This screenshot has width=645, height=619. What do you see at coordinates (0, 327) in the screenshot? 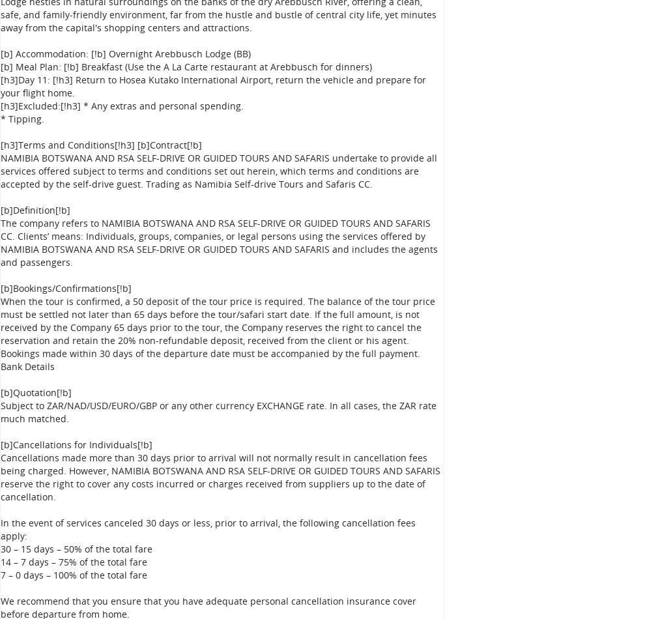
I see `'When the tour is confirmed, a 50 deposit of the tour price is required. The balance of the tour price must be settled not later than 65 days before the tour/safari start date. If the full amount, is not received by the Company 65 days prior to the tour, the Company reserves the right to cancel the reservation and retain the 20% non-refundable deposit, received from the client or his agent. Bookings made within 30 days of the departure date must be accompanied by the full payment.'` at bounding box center [0, 327].